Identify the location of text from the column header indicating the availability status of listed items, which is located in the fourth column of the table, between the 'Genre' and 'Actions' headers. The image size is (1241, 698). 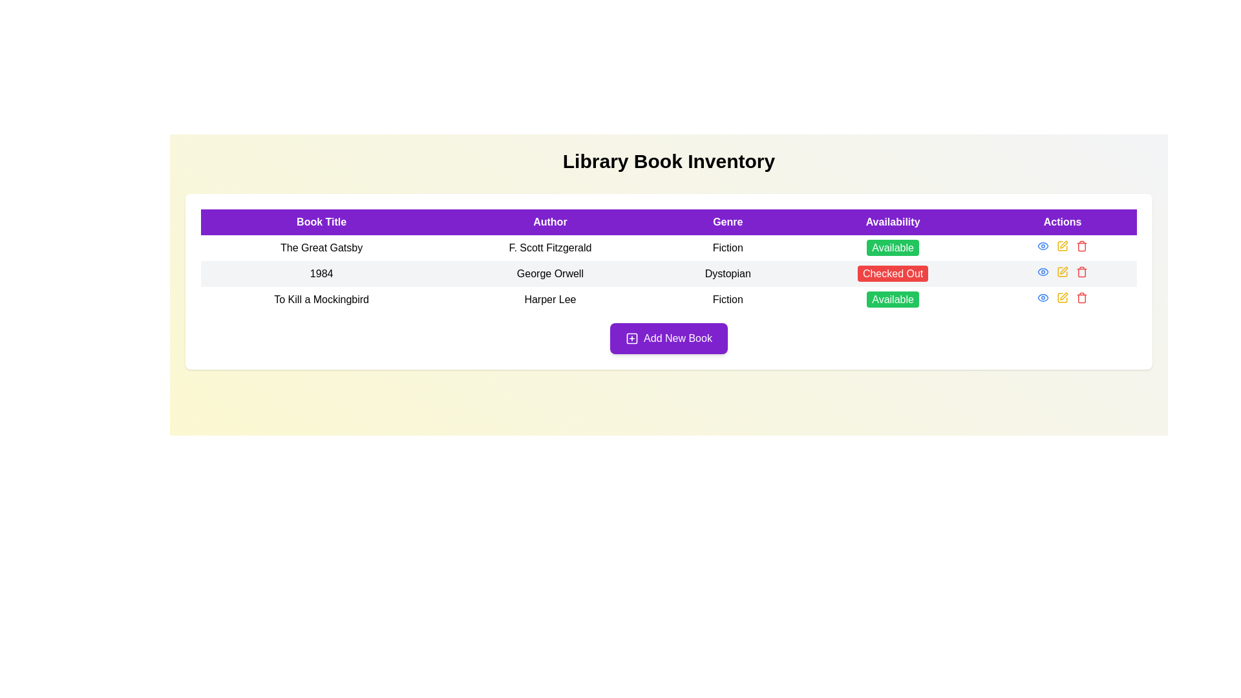
(892, 221).